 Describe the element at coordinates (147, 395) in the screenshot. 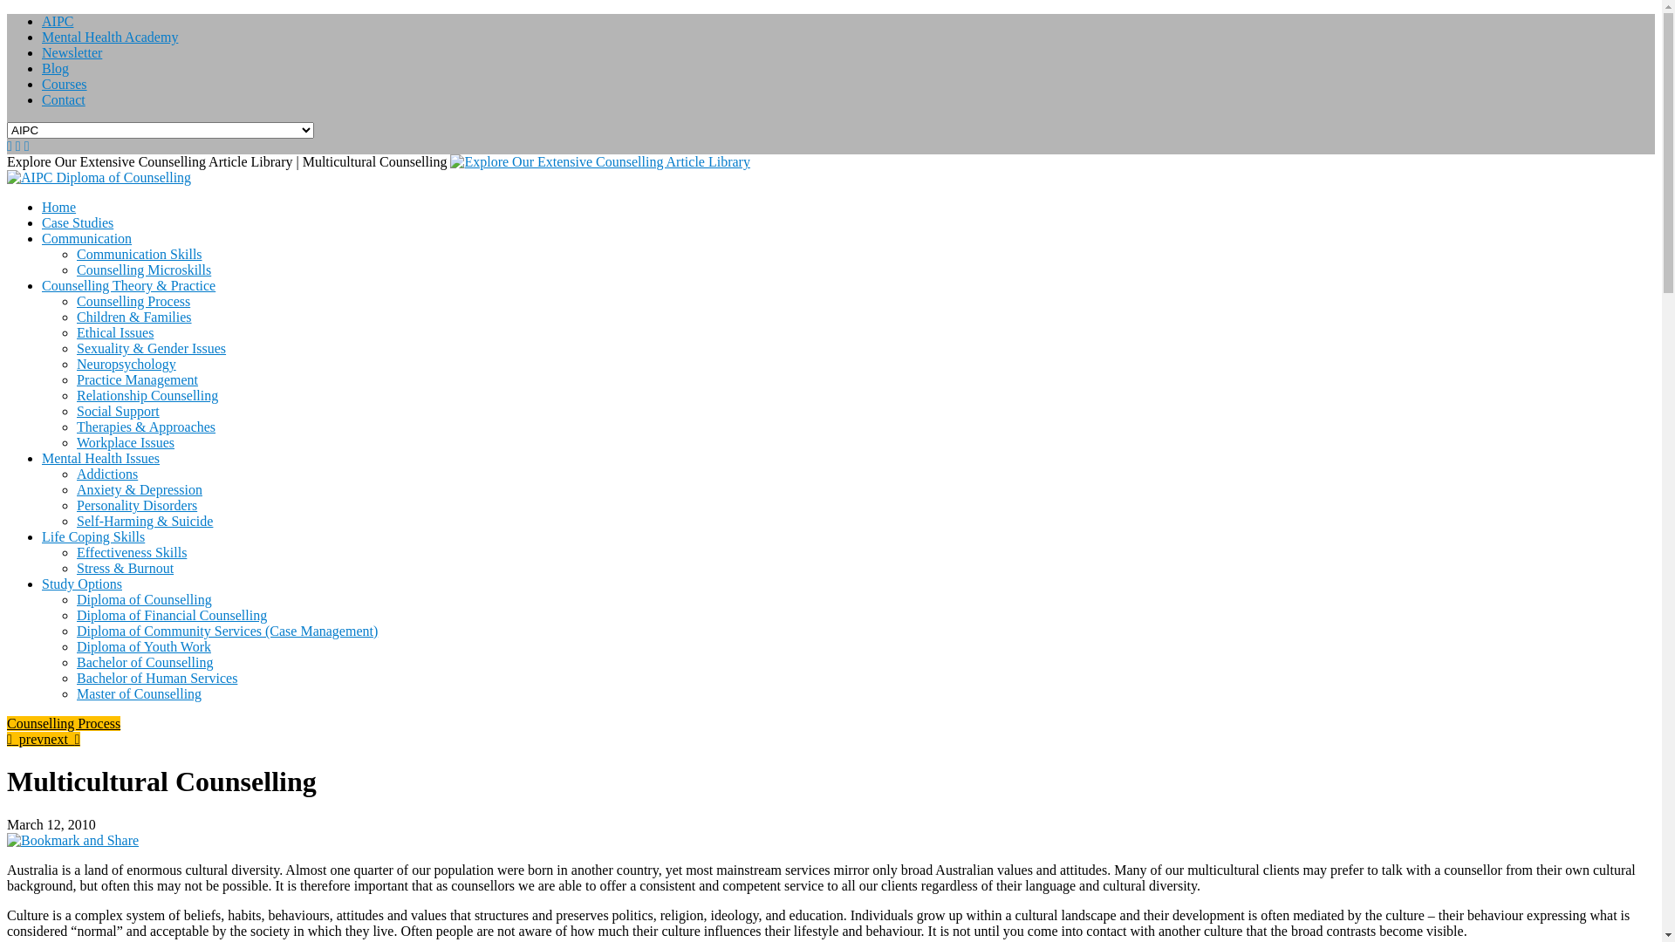

I see `'Relationship Counselling'` at that location.